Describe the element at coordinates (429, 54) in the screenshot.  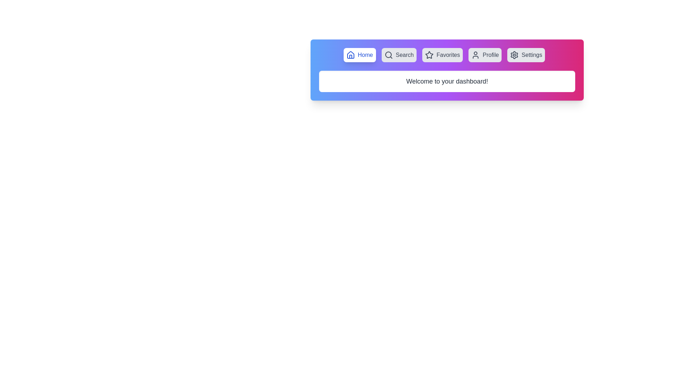
I see `the star icon within the 'Favorites' button in the top navigation bar` at that location.